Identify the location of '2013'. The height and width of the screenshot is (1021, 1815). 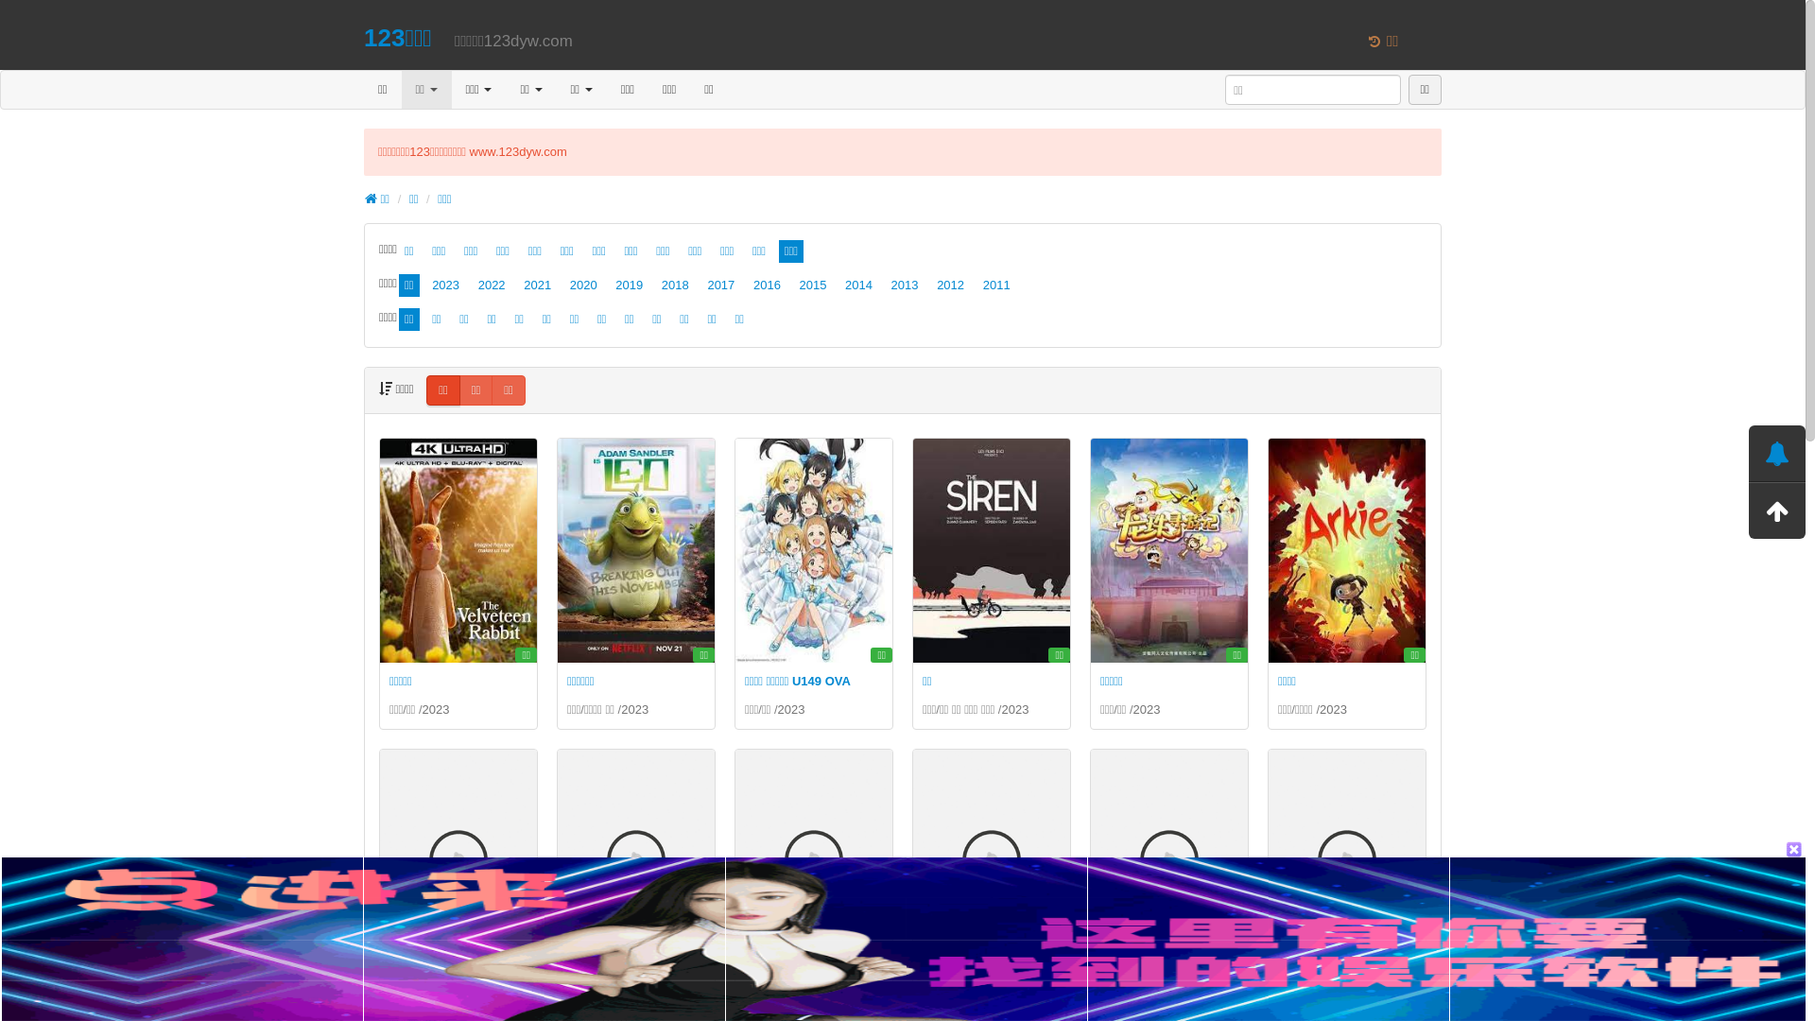
(904, 285).